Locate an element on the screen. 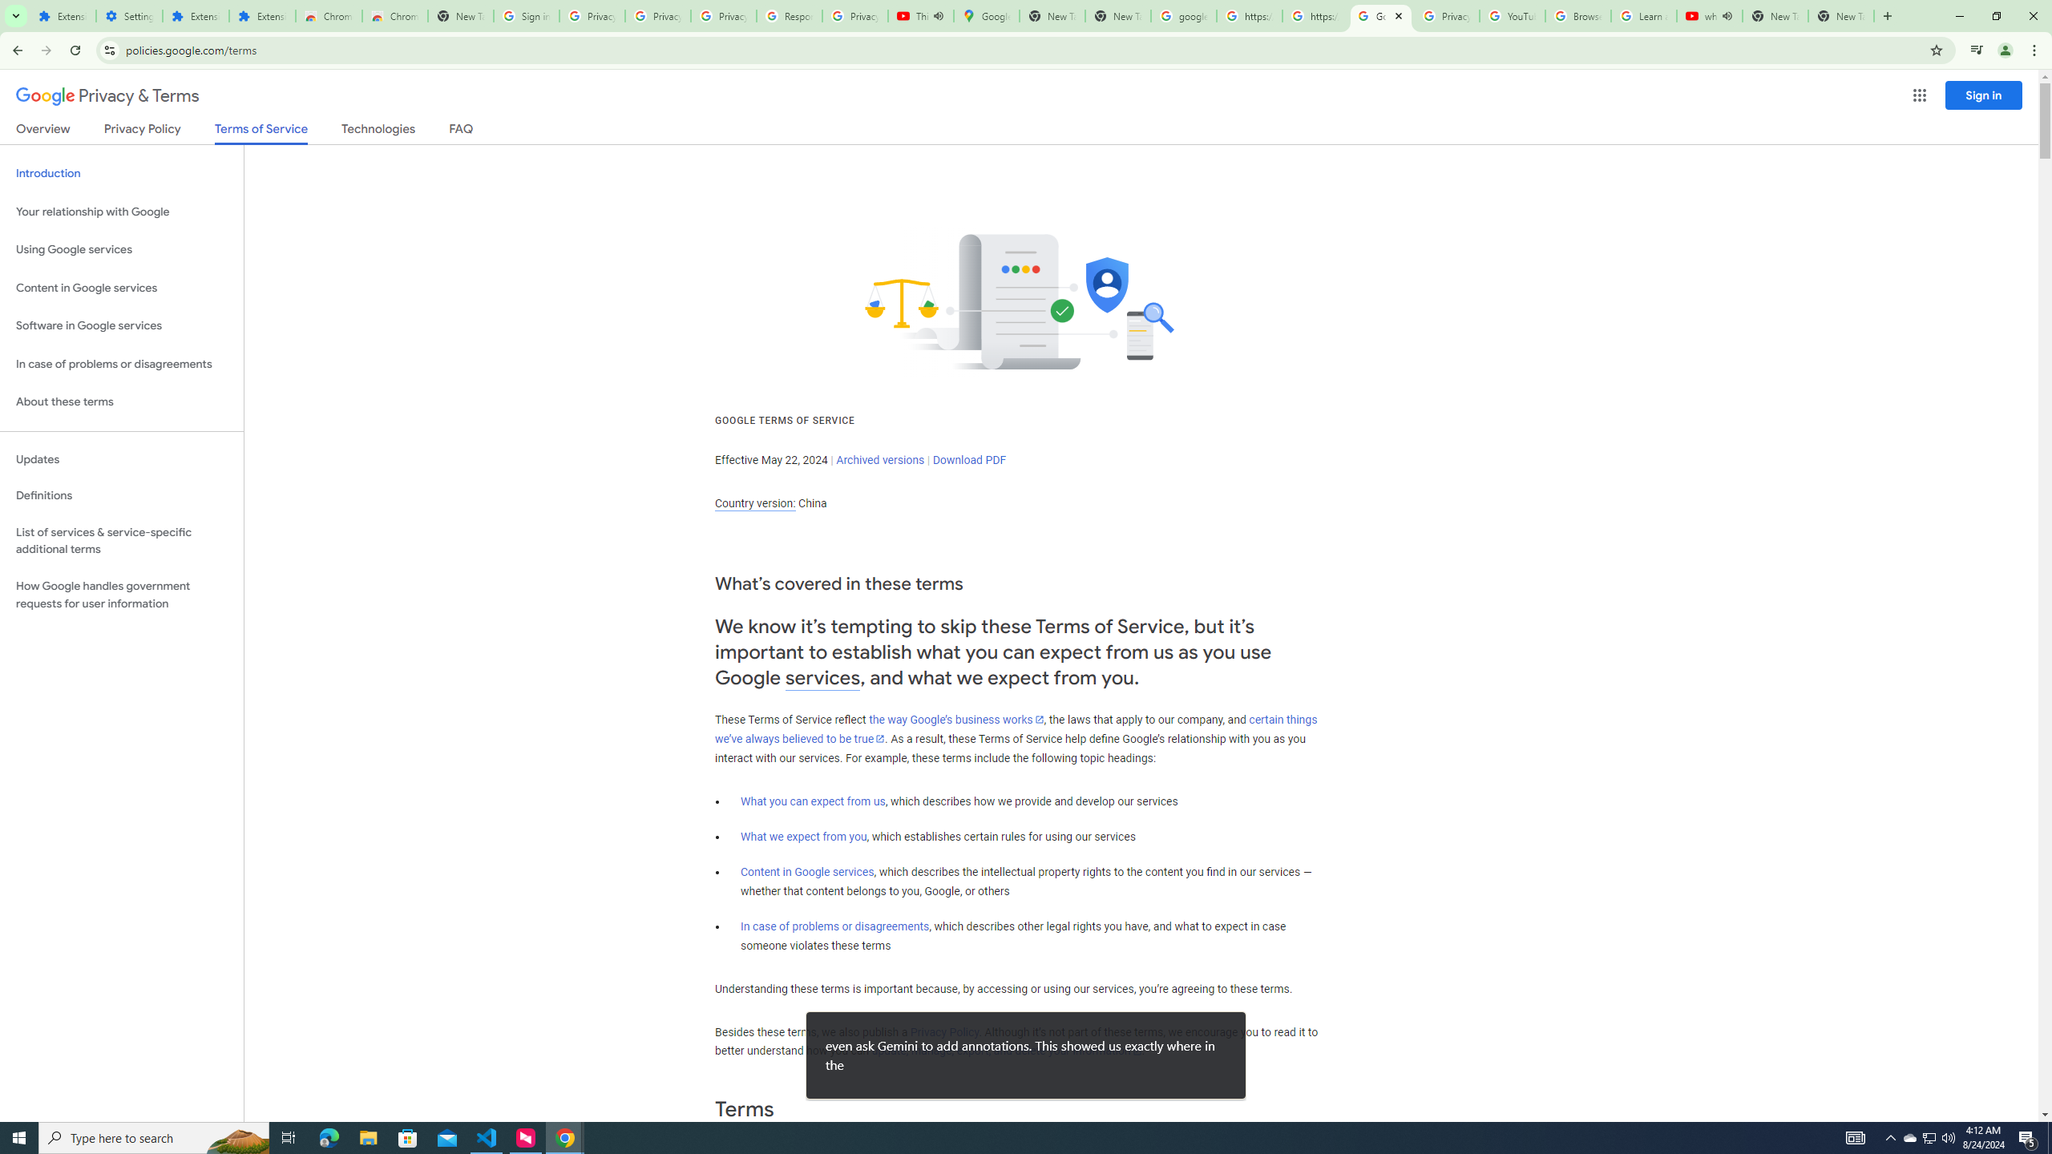  'services' is located at coordinates (822, 678).